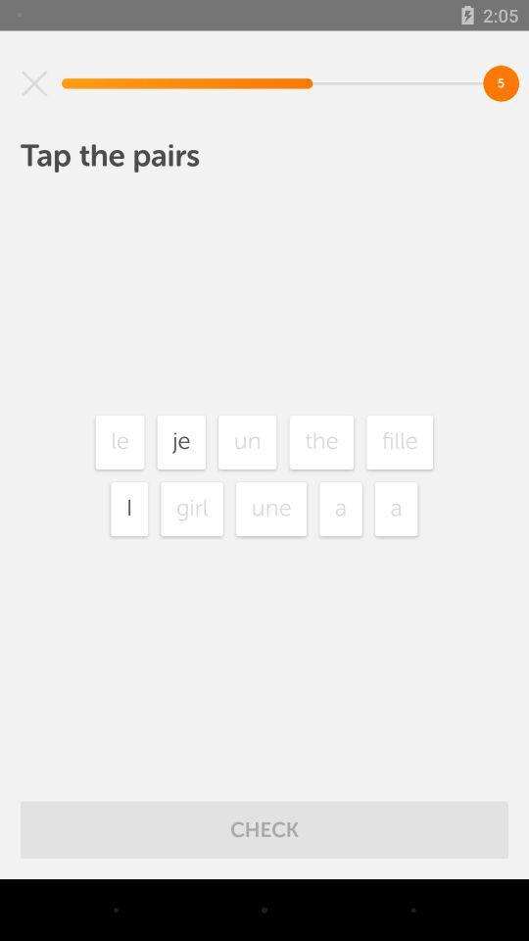  What do you see at coordinates (181, 442) in the screenshot?
I see `the icon to the right of le item` at bounding box center [181, 442].